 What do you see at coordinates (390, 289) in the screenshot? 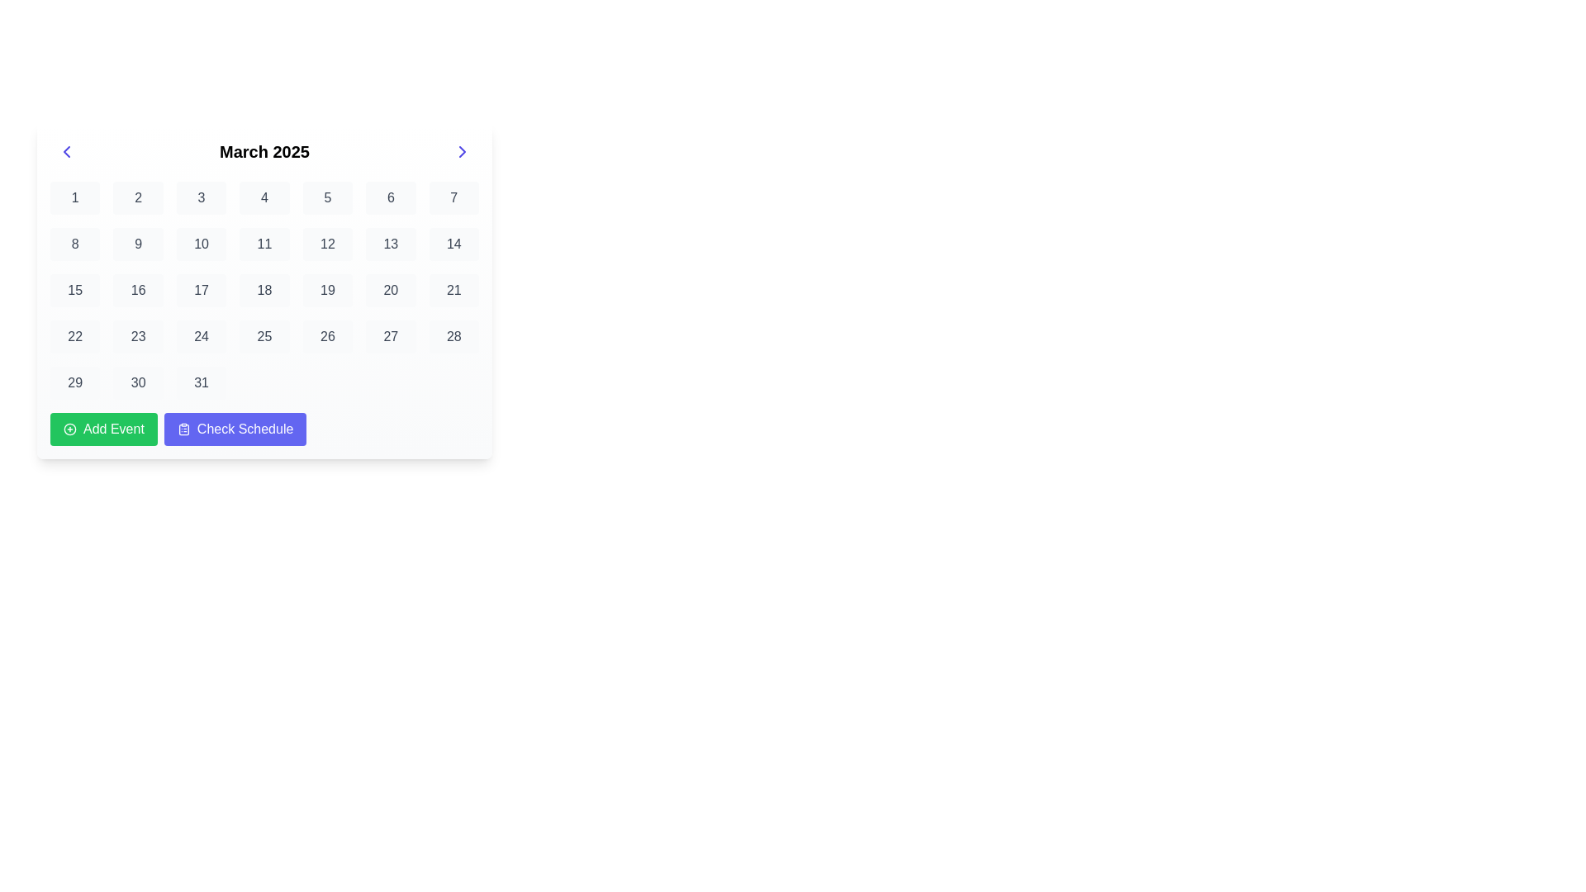
I see `the selectable date button representing the 20th of the month in the calendar interface located in the fourth row and sixth column` at bounding box center [390, 289].